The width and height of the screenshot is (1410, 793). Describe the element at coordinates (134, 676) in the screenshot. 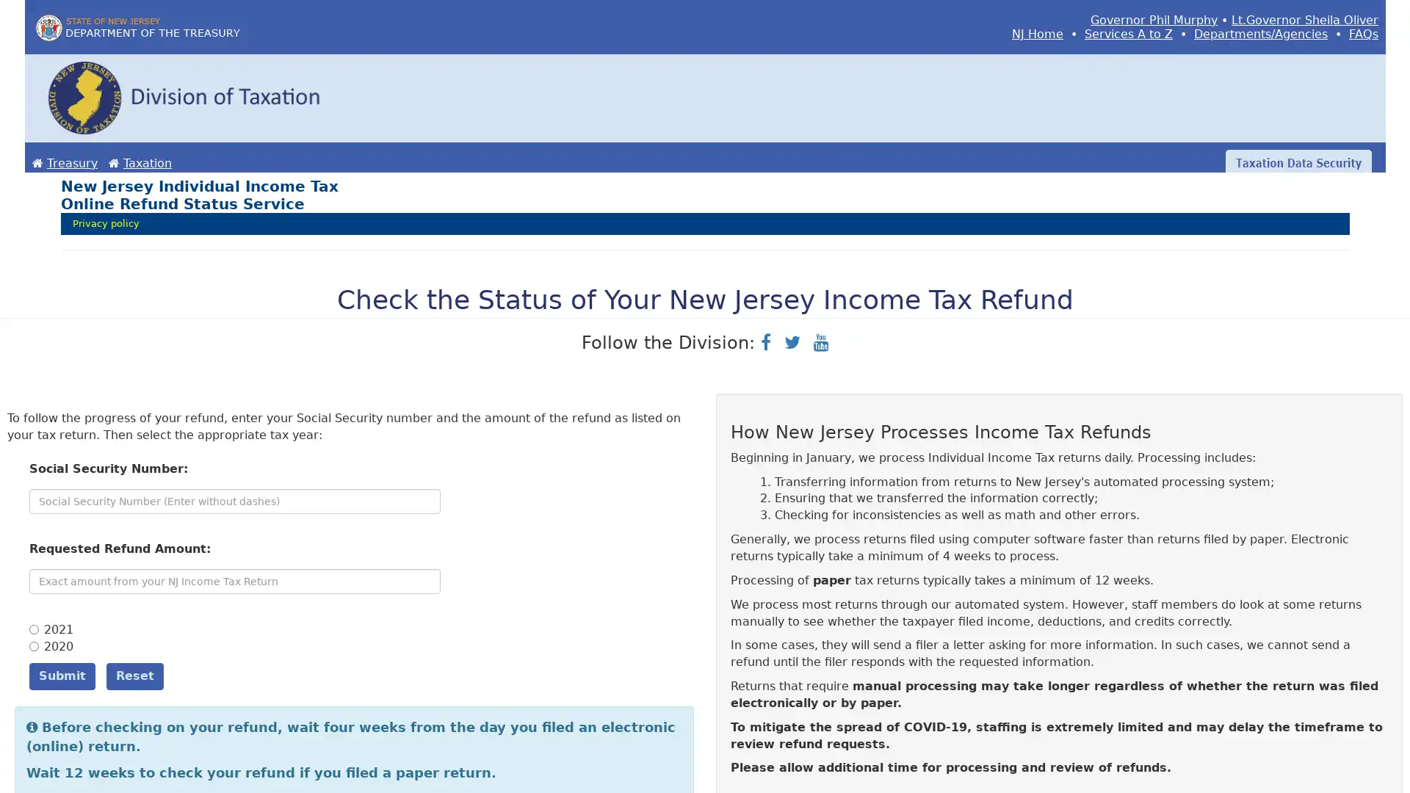

I see `Reset` at that location.